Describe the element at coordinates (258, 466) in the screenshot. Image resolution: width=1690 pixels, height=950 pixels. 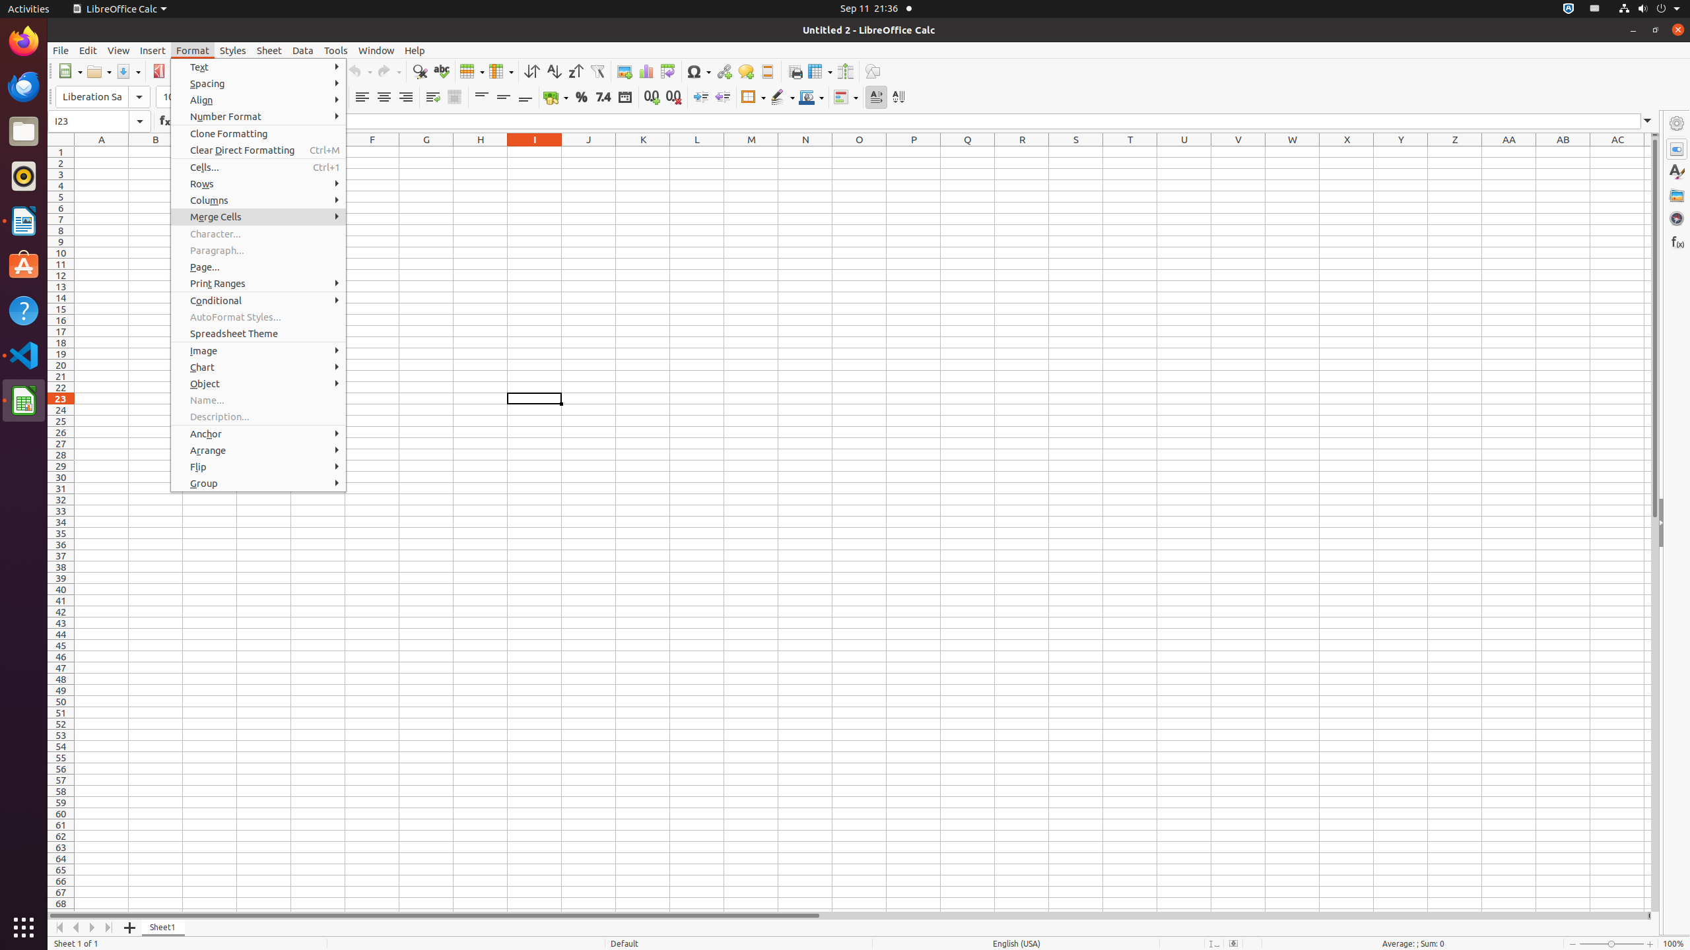
I see `'Flip'` at that location.